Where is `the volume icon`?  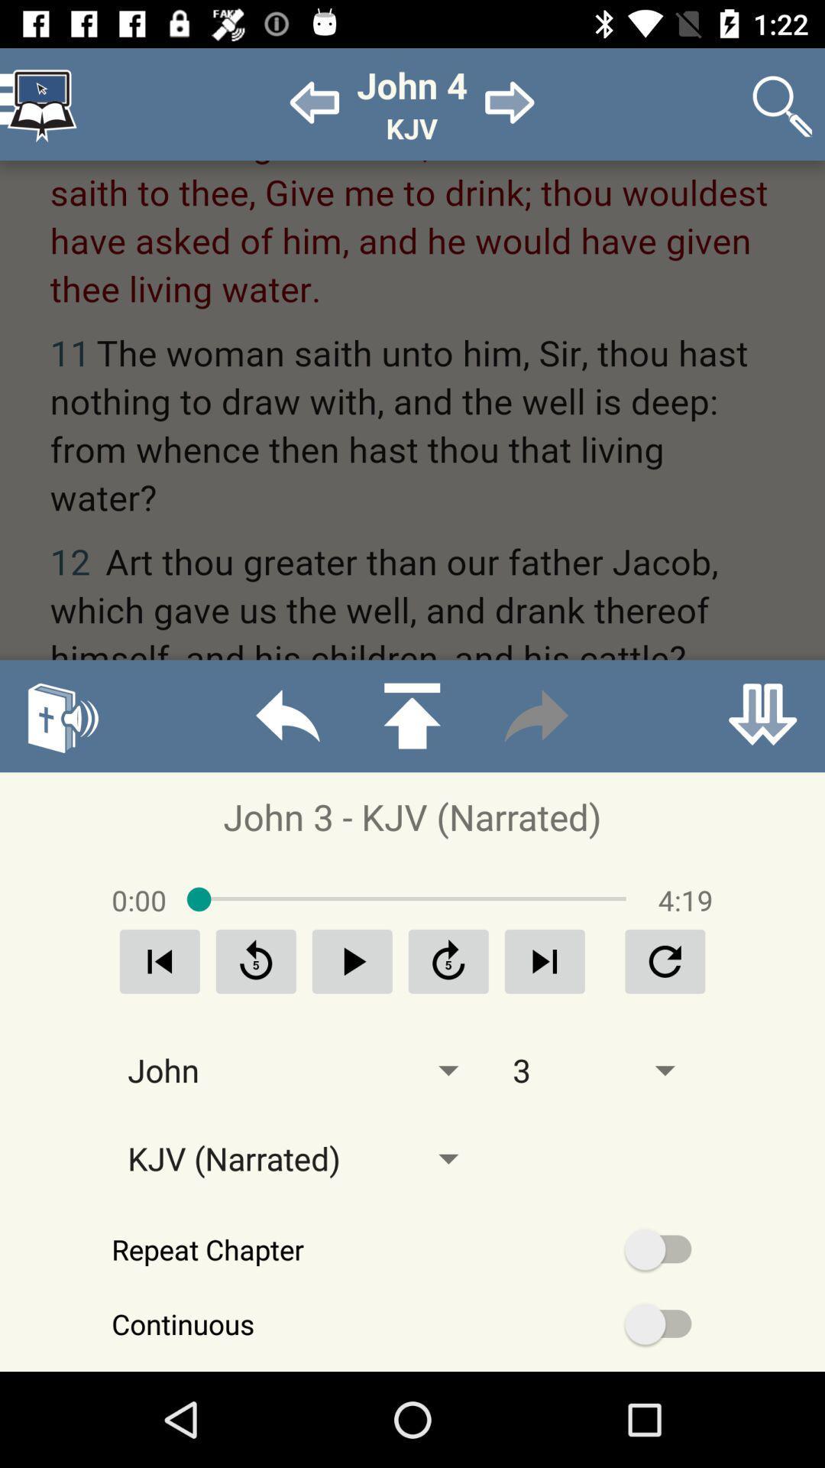
the volume icon is located at coordinates (61, 715).